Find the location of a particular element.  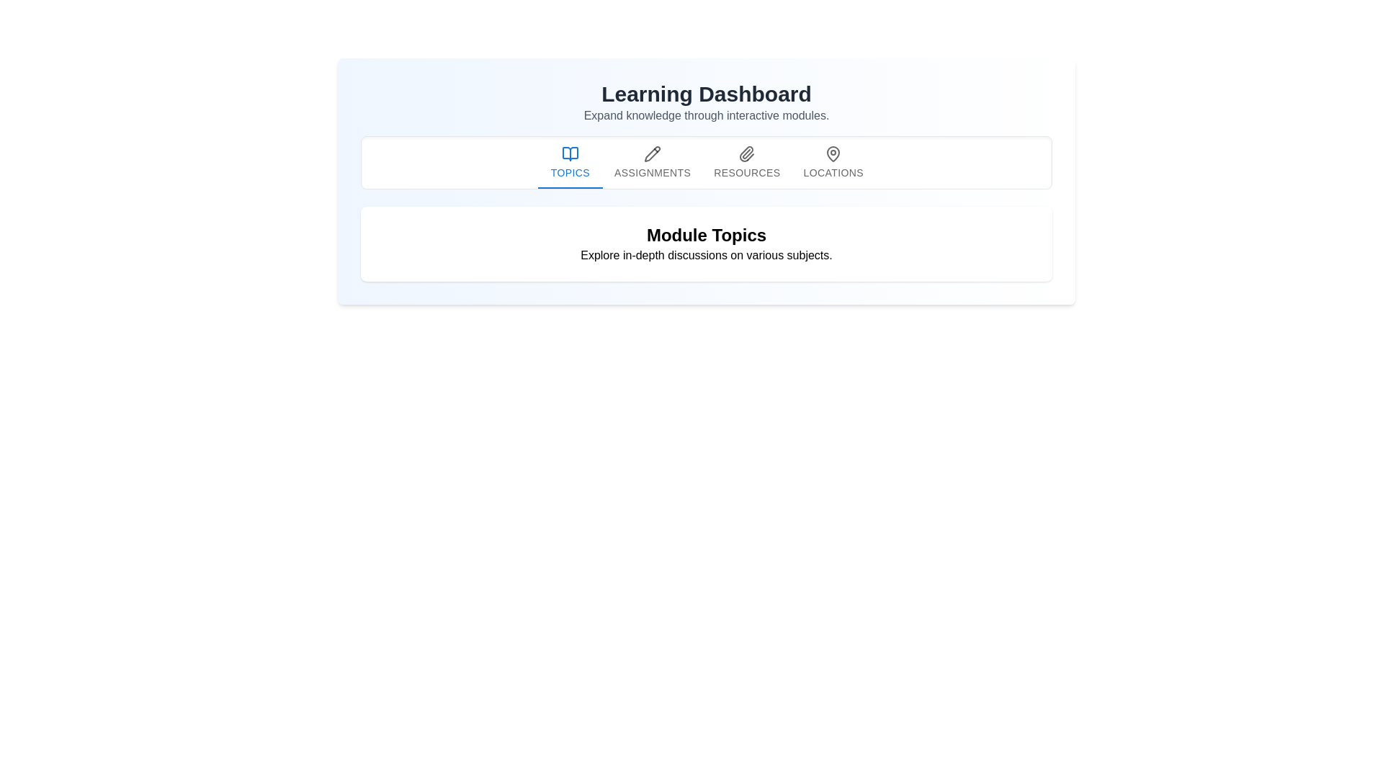

the 'Assignments' tab, which is the second tab in a series of four, styled with a bold blue font and a pencil icon above the text is located at coordinates (652, 162).